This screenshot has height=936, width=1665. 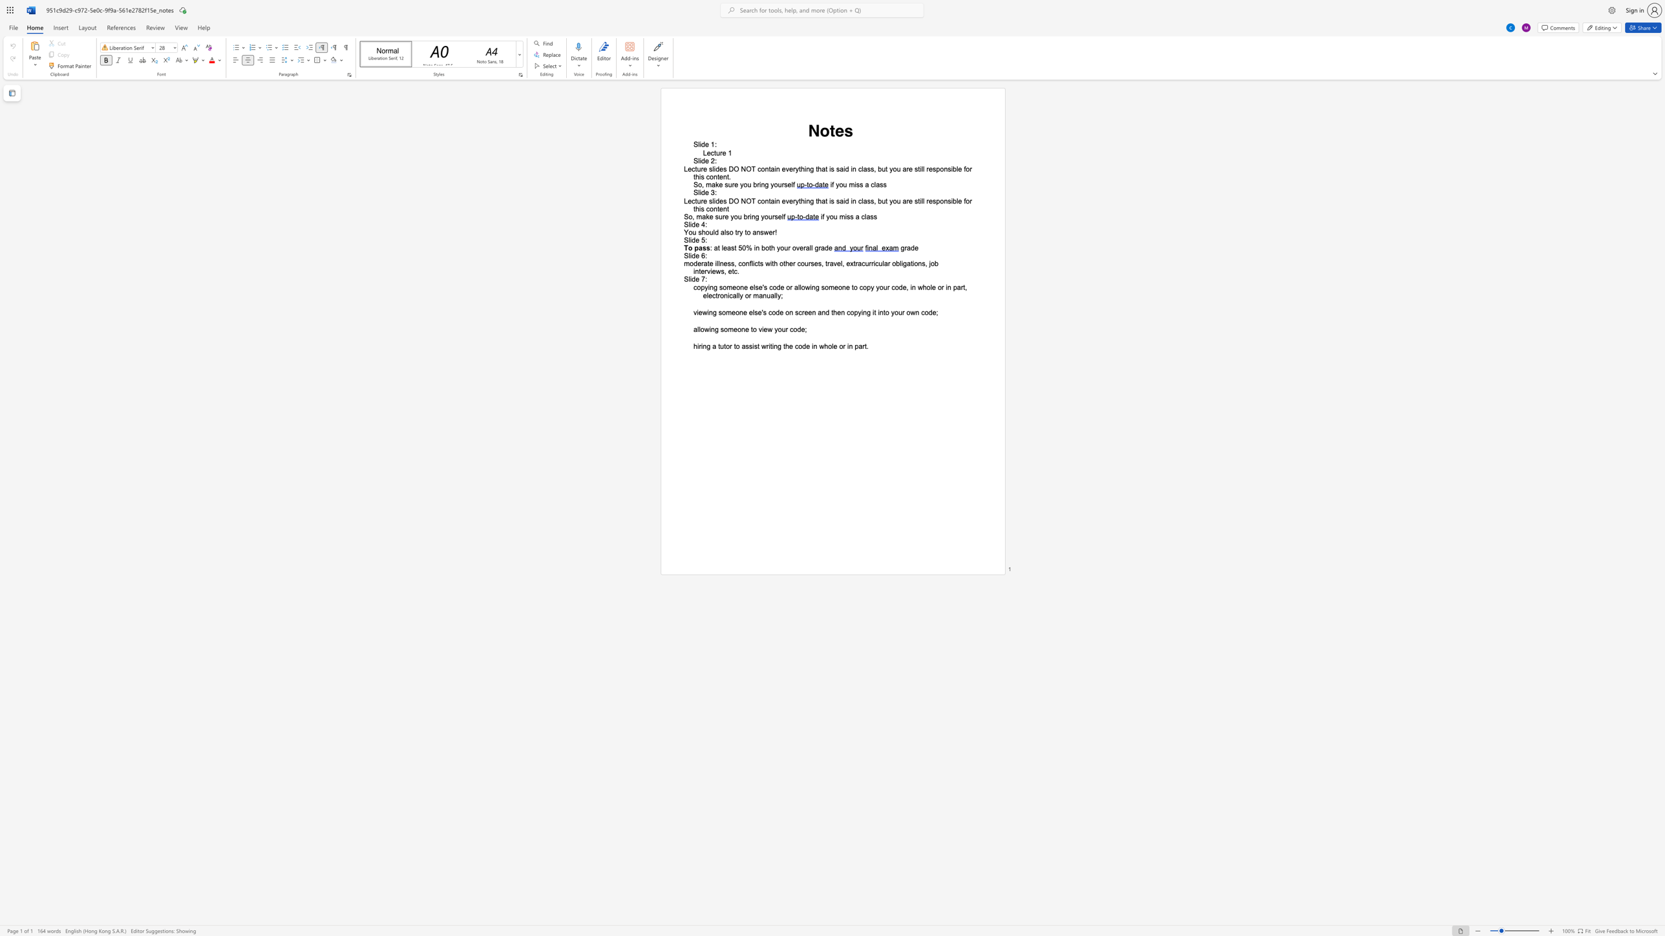 I want to click on the subset text "rricular obligations, job inter" within the text "moderate illness, conflicts with other courses, travel, extracurricular obligations, job interviews, etc.", so click(x=869, y=263).